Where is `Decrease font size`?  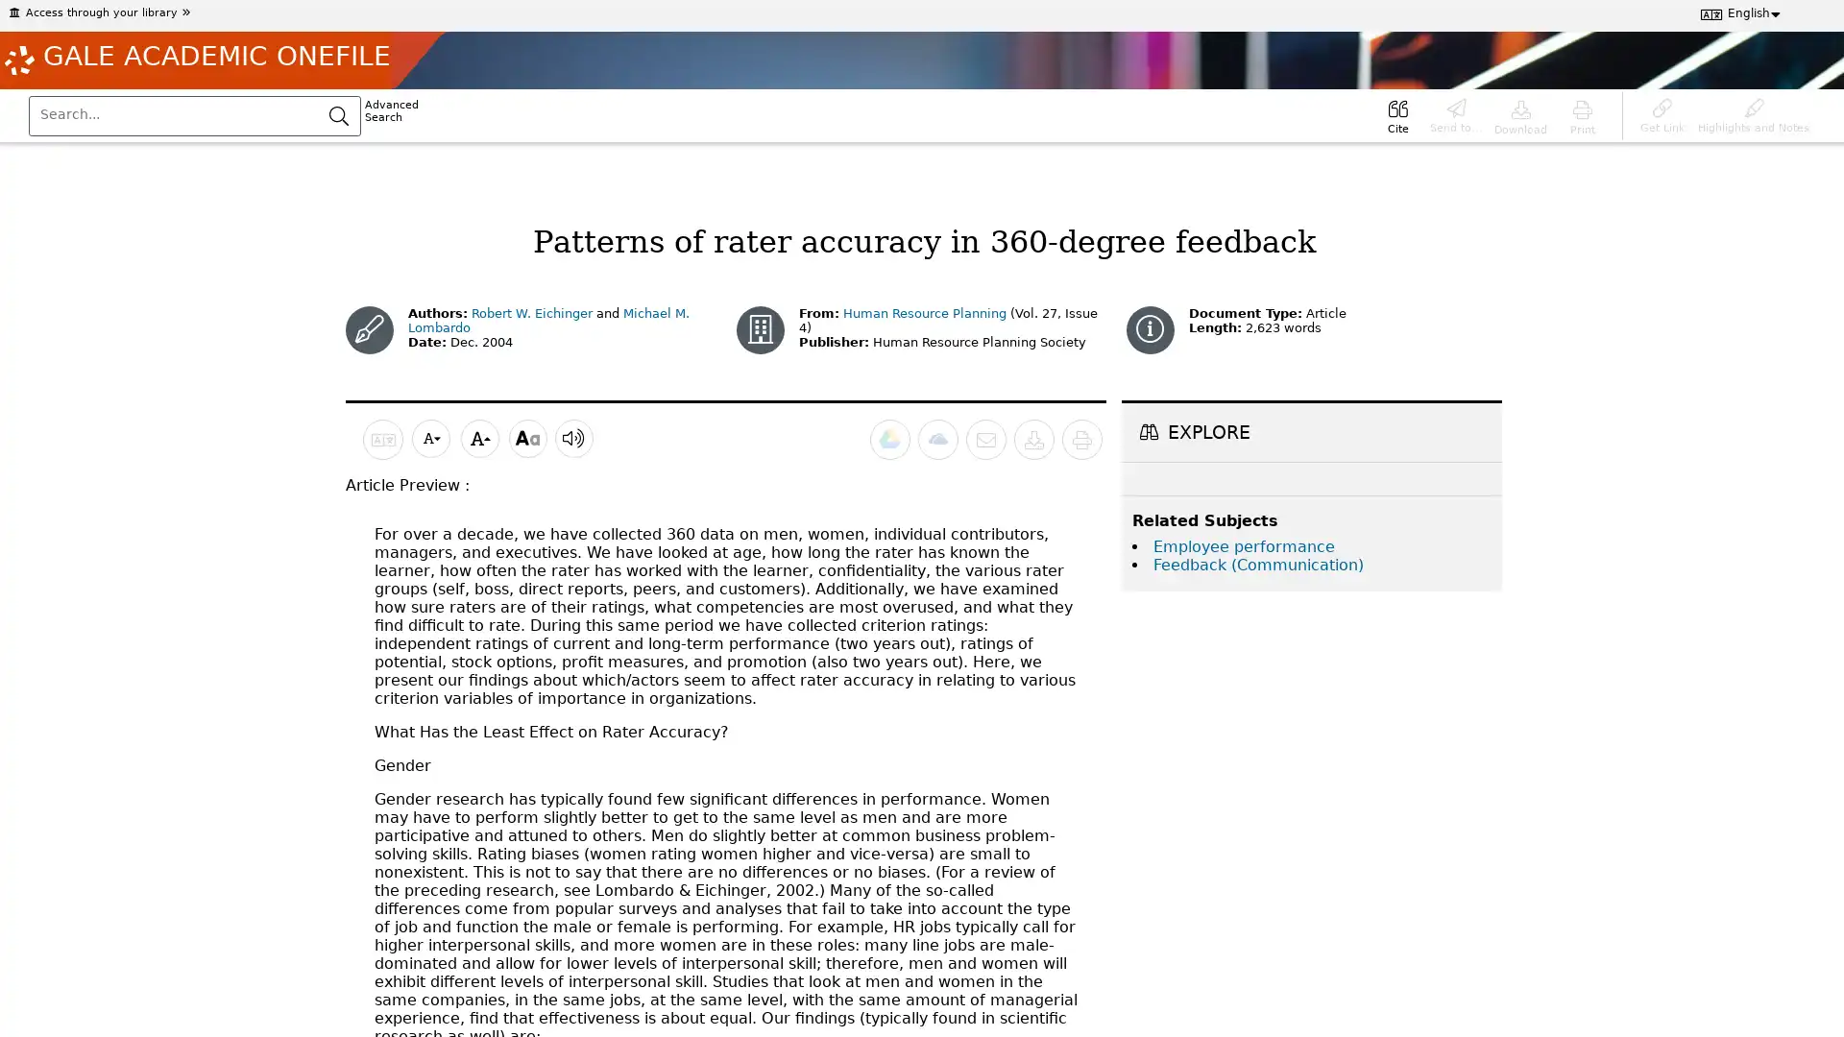 Decrease font size is located at coordinates (430, 438).